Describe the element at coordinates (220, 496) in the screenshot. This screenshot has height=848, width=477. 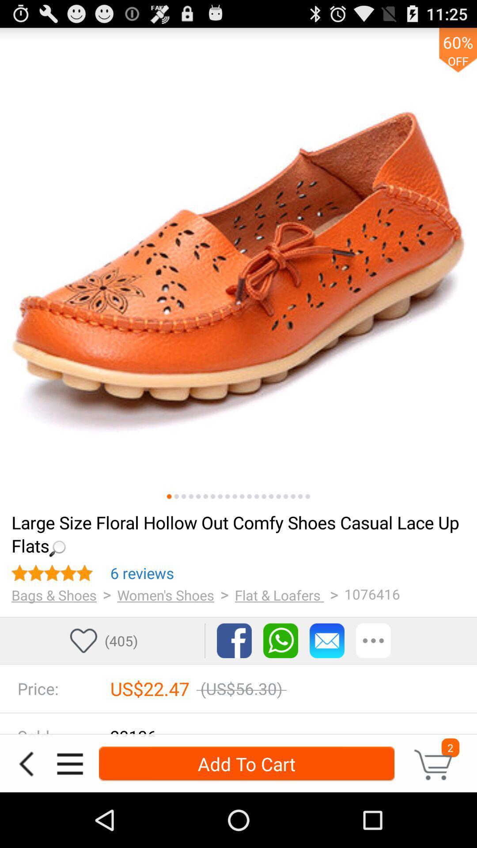
I see `picture` at that location.